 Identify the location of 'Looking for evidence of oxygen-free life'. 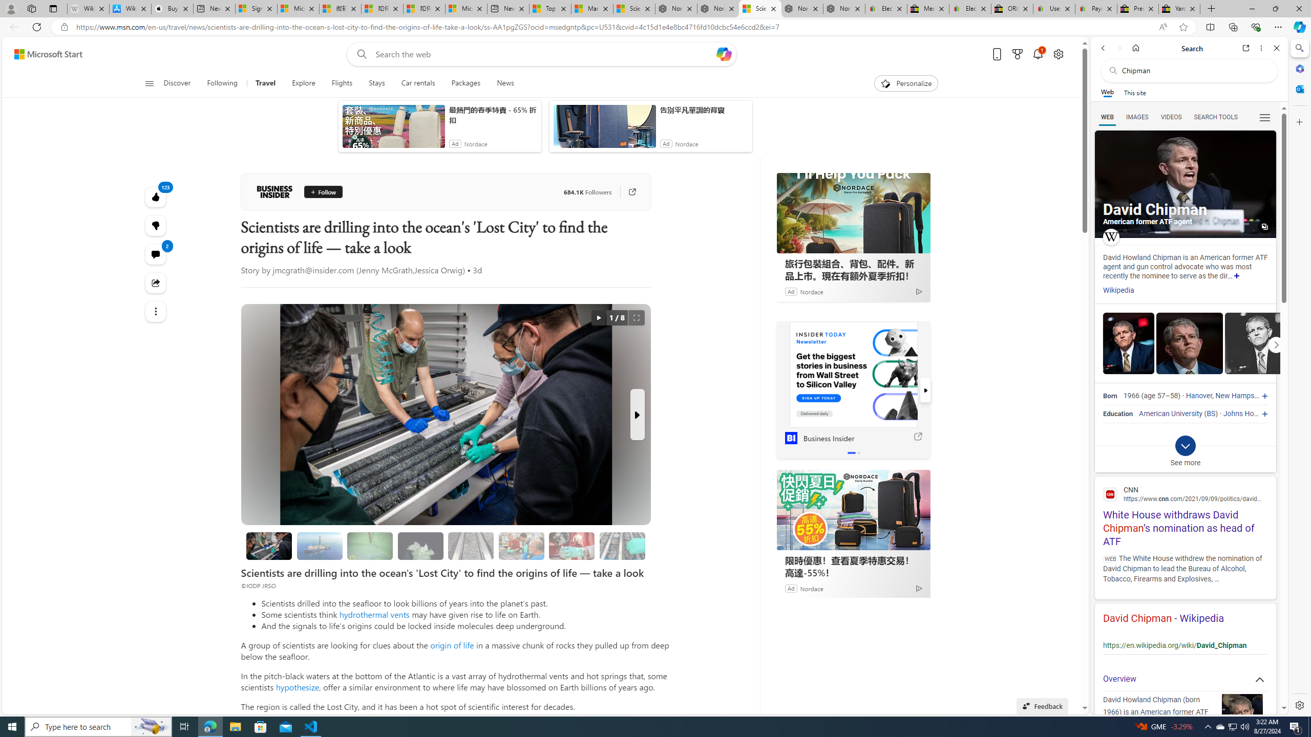
(521, 546).